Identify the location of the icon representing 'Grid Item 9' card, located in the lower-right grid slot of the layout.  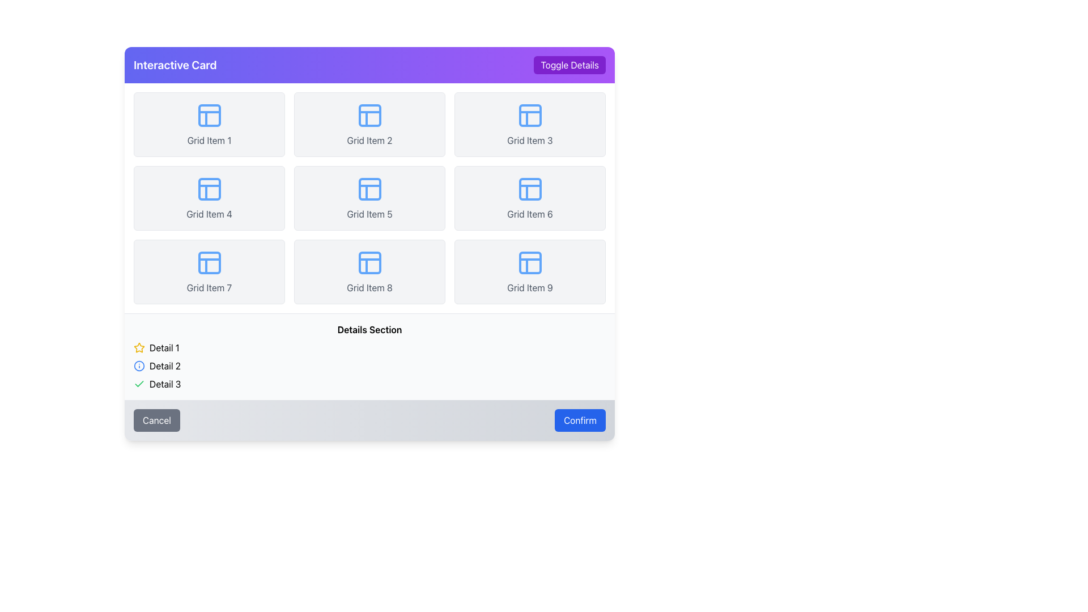
(529, 262).